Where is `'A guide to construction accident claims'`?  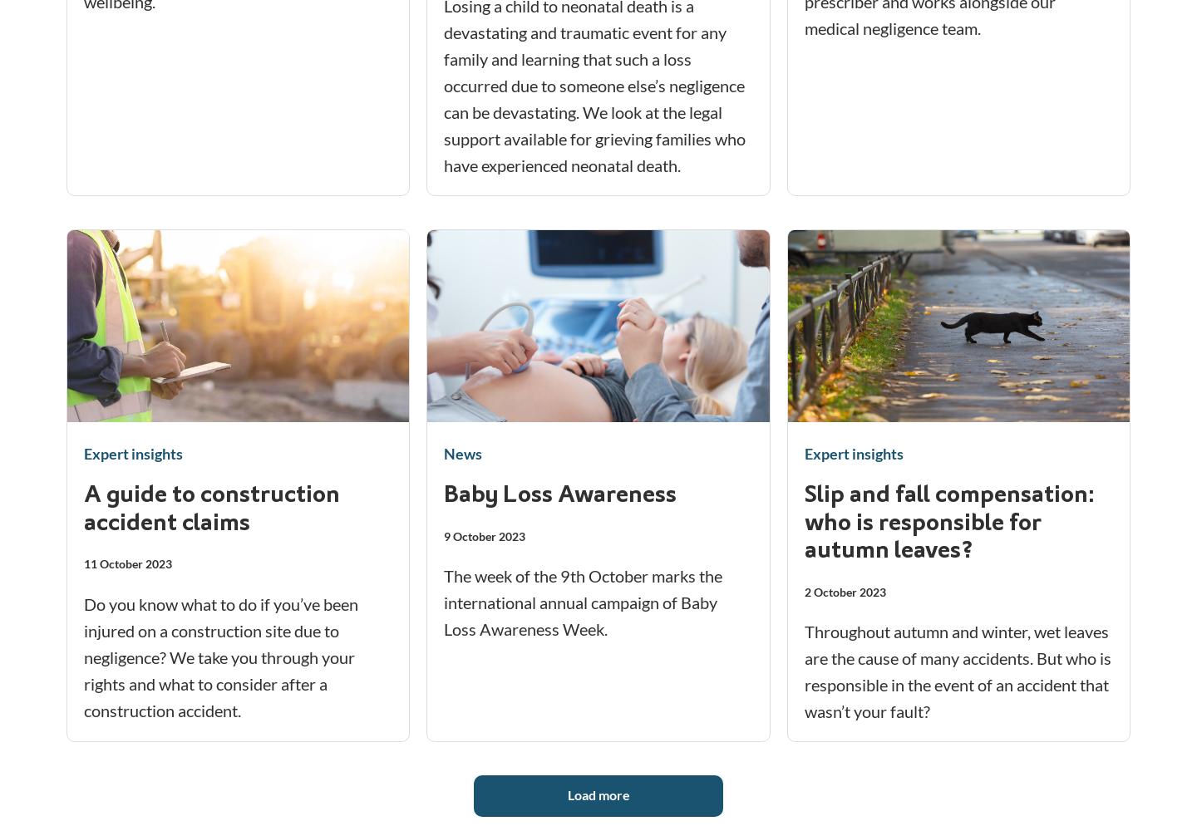 'A guide to construction accident claims' is located at coordinates (211, 509).